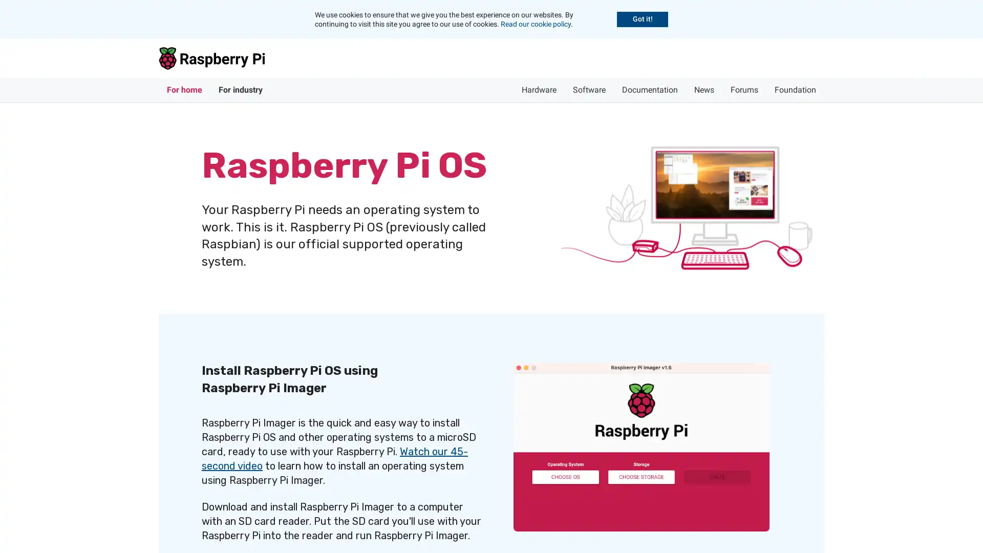  I want to click on Accept cookies, so click(642, 19).